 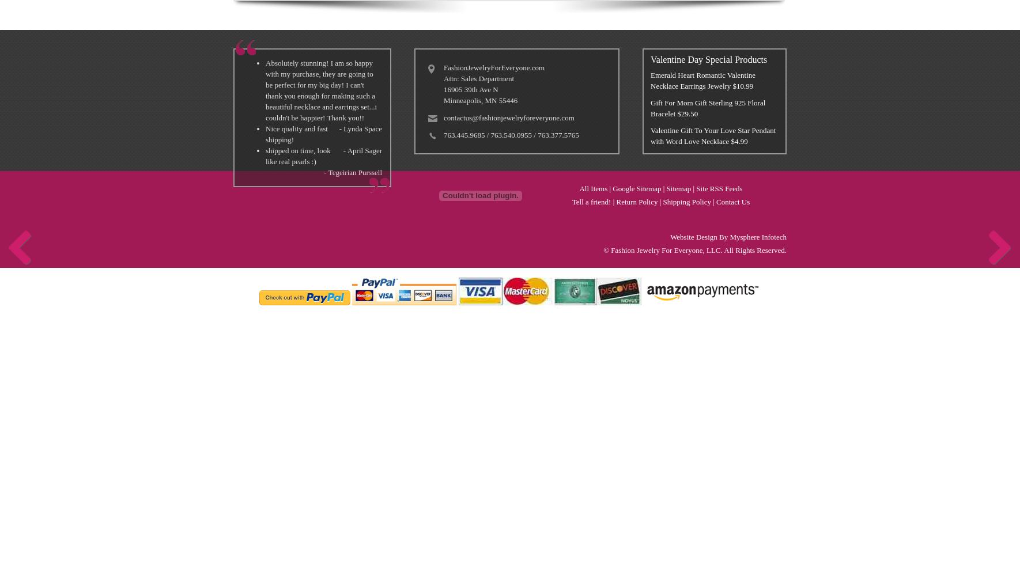 I want to click on 'Valentine Day Special Products', so click(x=708, y=59).